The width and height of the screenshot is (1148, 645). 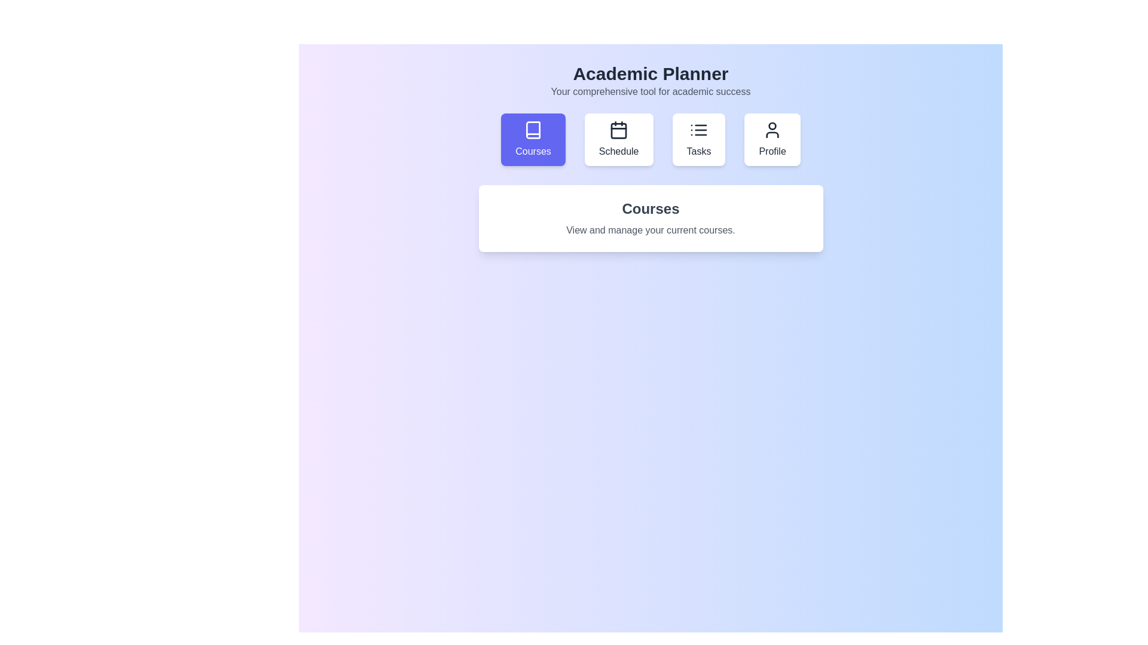 I want to click on the Tasks tab to view its content, so click(x=699, y=139).